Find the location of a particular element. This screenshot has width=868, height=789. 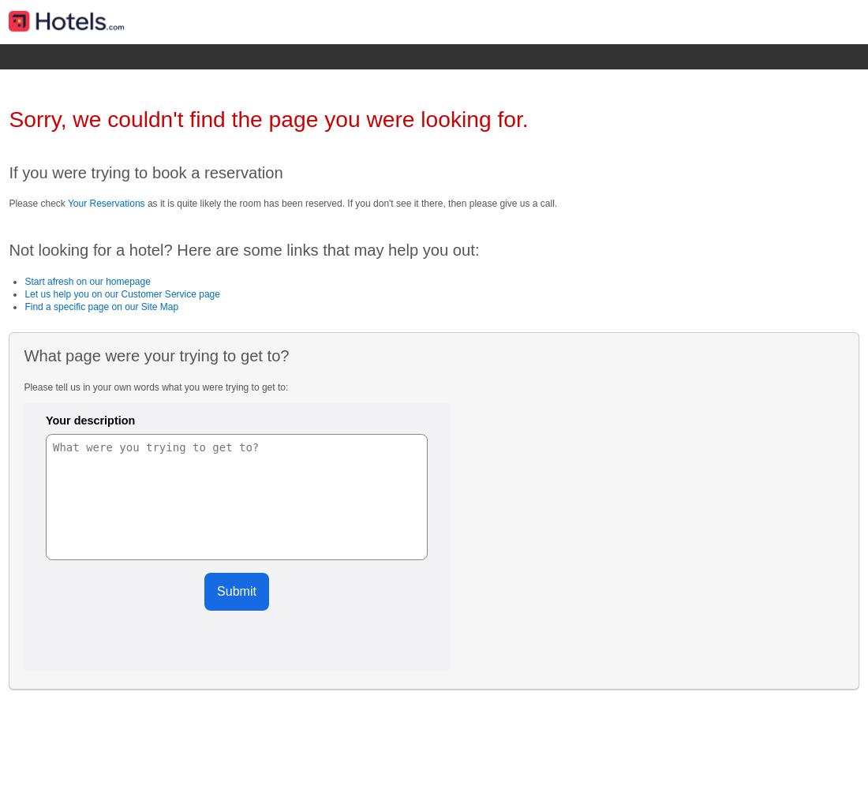

'Your Reservations' is located at coordinates (105, 203).